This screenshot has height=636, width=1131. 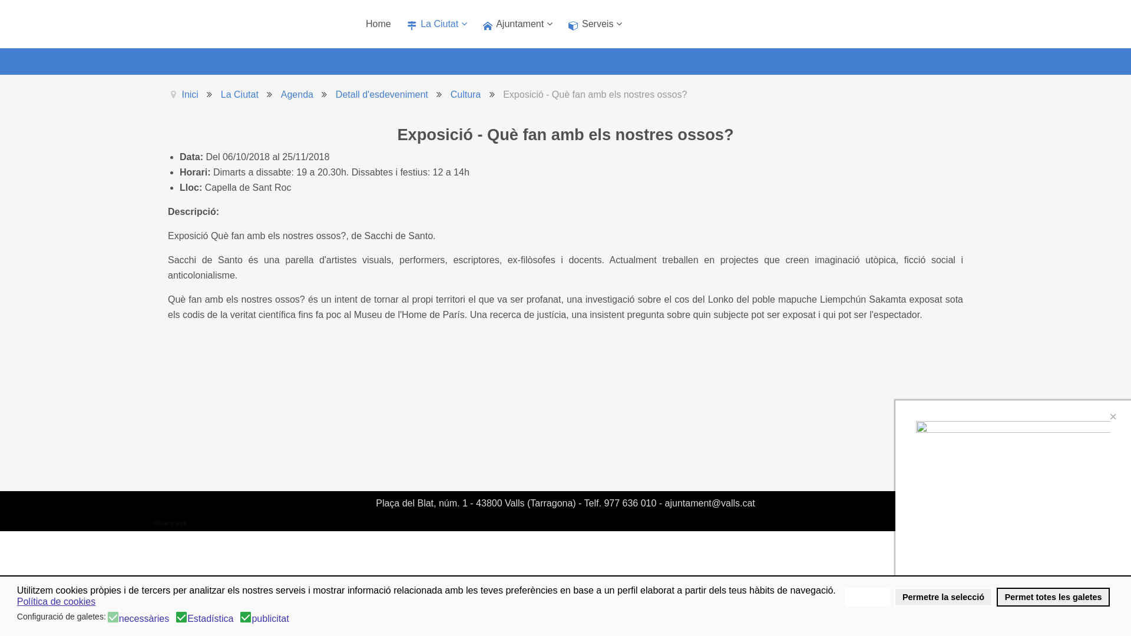 What do you see at coordinates (297, 94) in the screenshot?
I see `'Agenda'` at bounding box center [297, 94].